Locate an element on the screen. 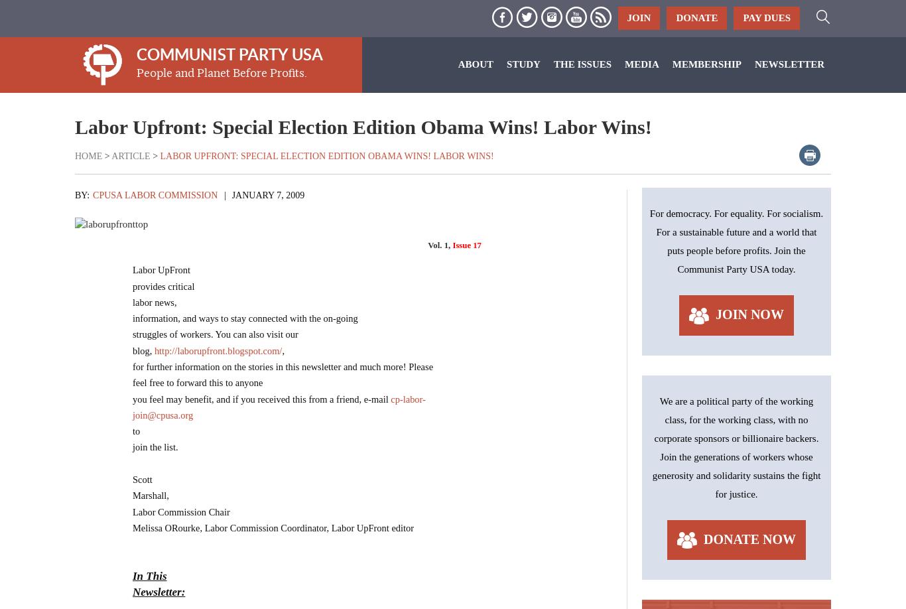  'Donate Now' is located at coordinates (748, 537).